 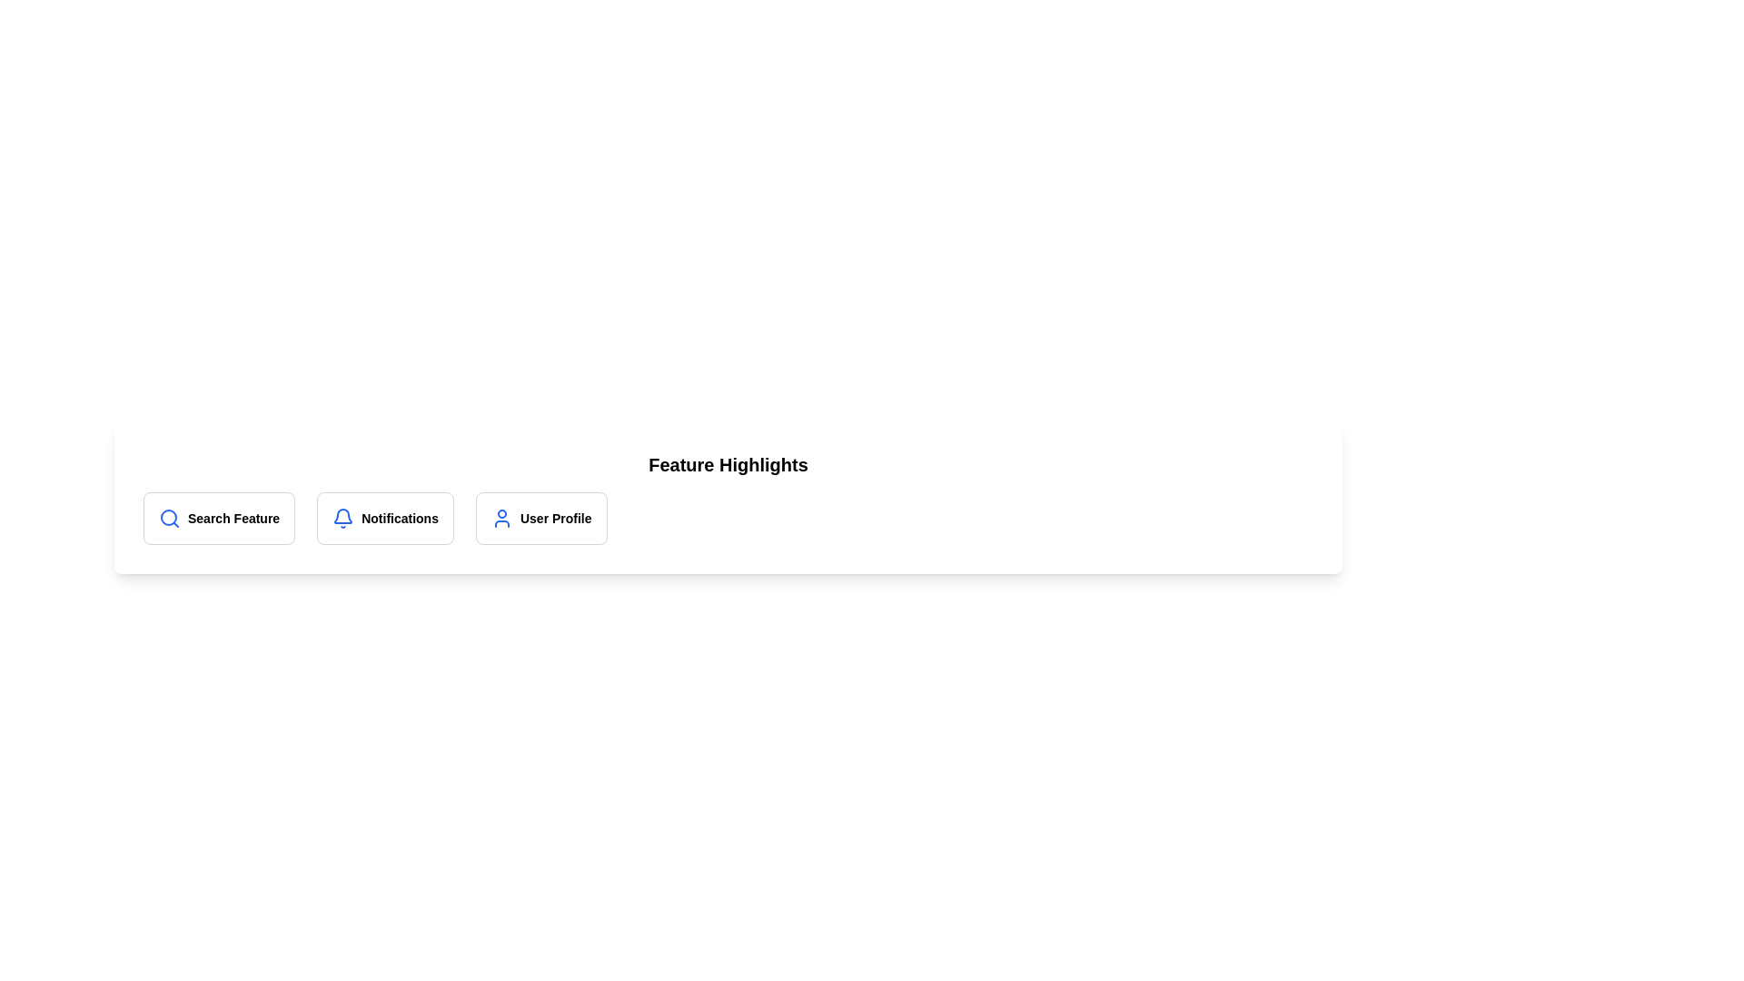 I want to click on the chip corresponding to Notifications, so click(x=384, y=518).